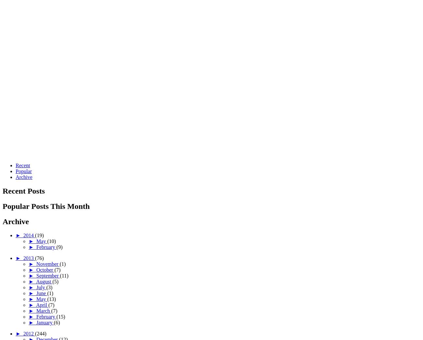 This screenshot has height=340, width=423. What do you see at coordinates (45, 322) in the screenshot?
I see `'January'` at bounding box center [45, 322].